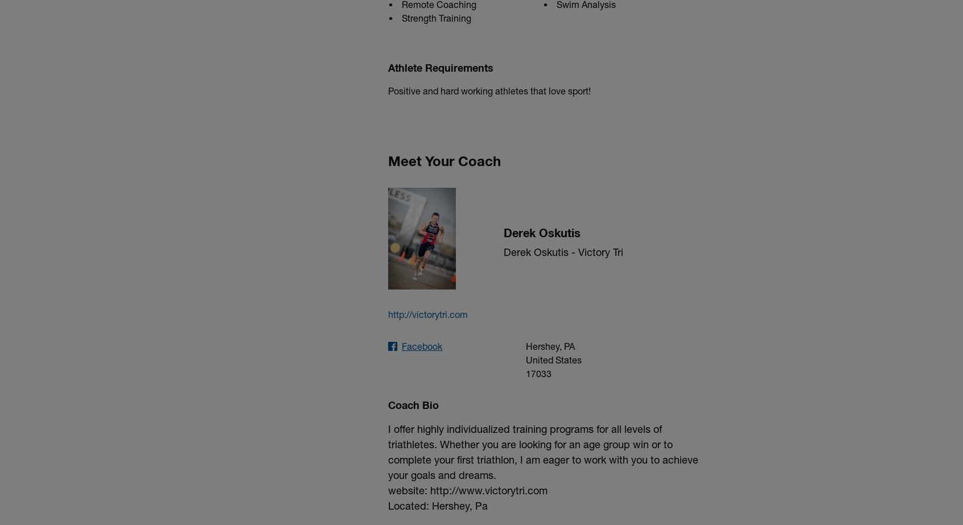  Describe the element at coordinates (421, 345) in the screenshot. I see `'Facebook'` at that location.